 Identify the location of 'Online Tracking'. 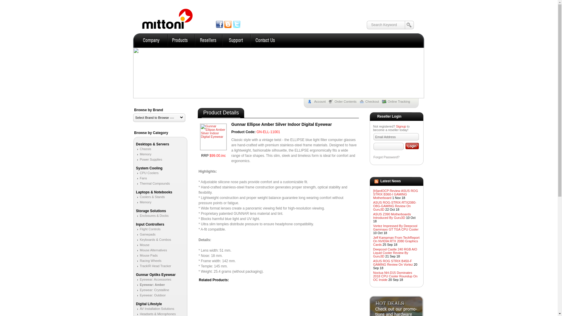
(397, 101).